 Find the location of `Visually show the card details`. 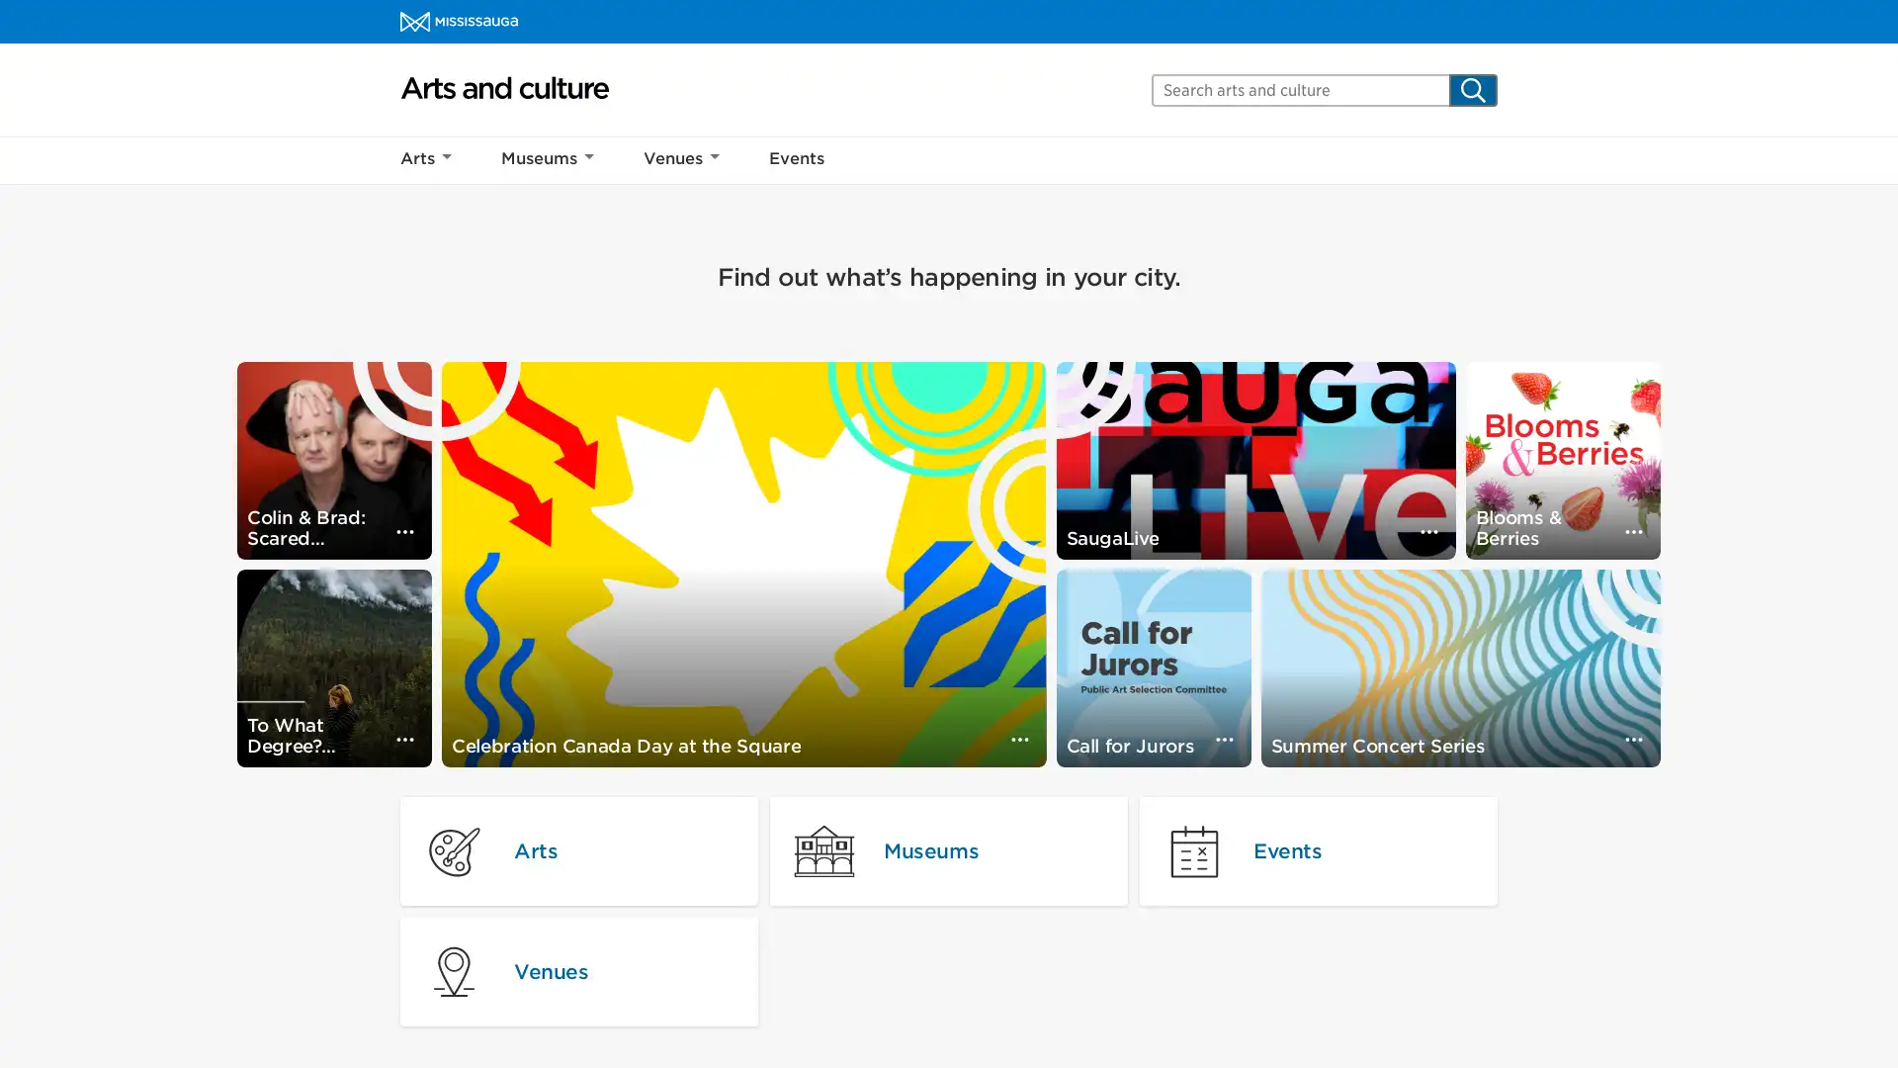

Visually show the card details is located at coordinates (1633, 740).